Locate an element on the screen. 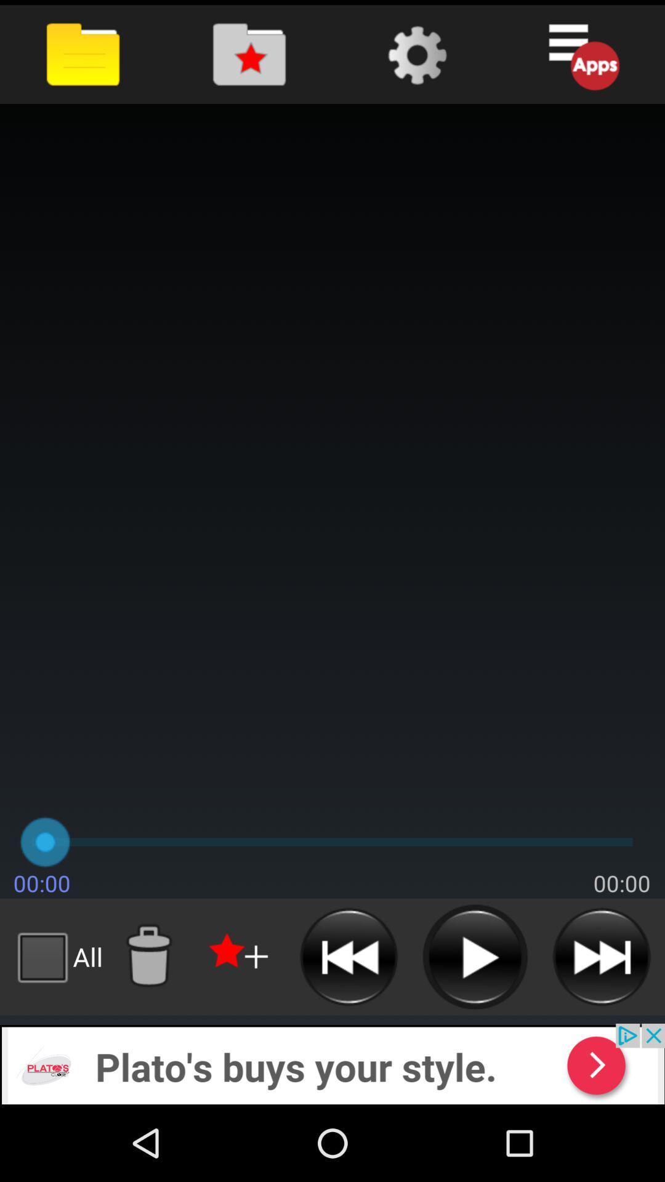 This screenshot has width=665, height=1182. the play icon is located at coordinates (474, 1024).